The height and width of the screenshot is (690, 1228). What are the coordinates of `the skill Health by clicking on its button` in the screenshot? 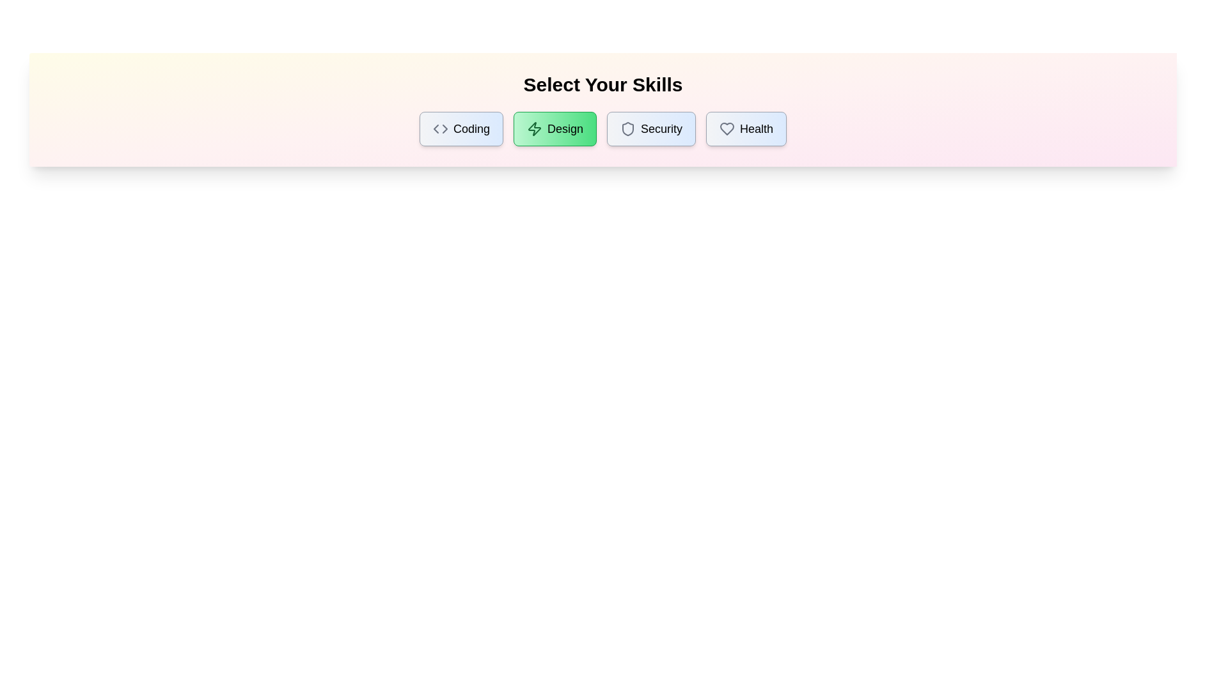 It's located at (746, 128).